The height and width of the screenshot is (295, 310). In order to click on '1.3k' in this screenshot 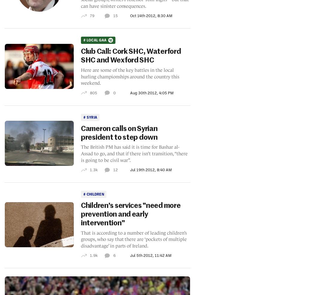, I will do `click(93, 169)`.